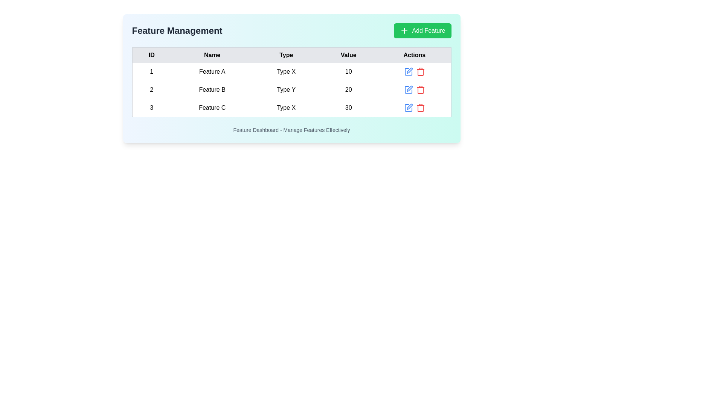 Image resolution: width=723 pixels, height=406 pixels. Describe the element at coordinates (291, 55) in the screenshot. I see `the 'Type' header cell in the table, which is the third cell in the header row, identifying the 'Type' column` at that location.